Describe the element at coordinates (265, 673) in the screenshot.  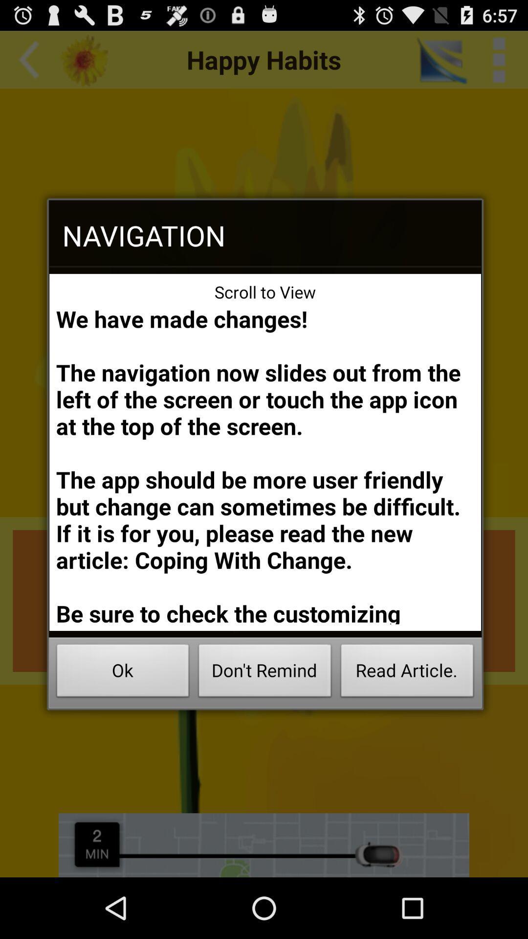
I see `icon below we have made` at that location.